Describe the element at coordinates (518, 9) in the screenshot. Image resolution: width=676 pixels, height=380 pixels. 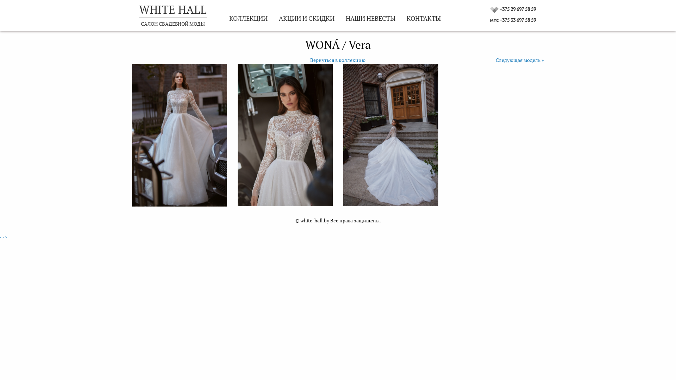
I see `'+375 29 697 58 59'` at that location.